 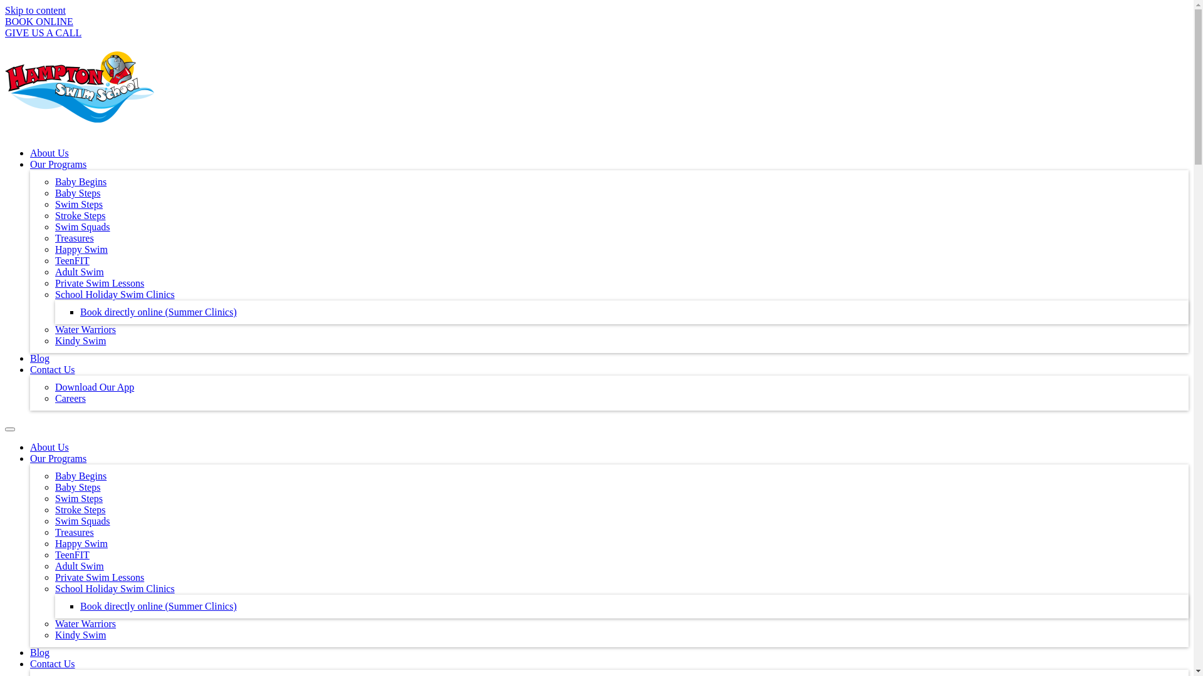 What do you see at coordinates (78, 566) in the screenshot?
I see `'Adult Swim'` at bounding box center [78, 566].